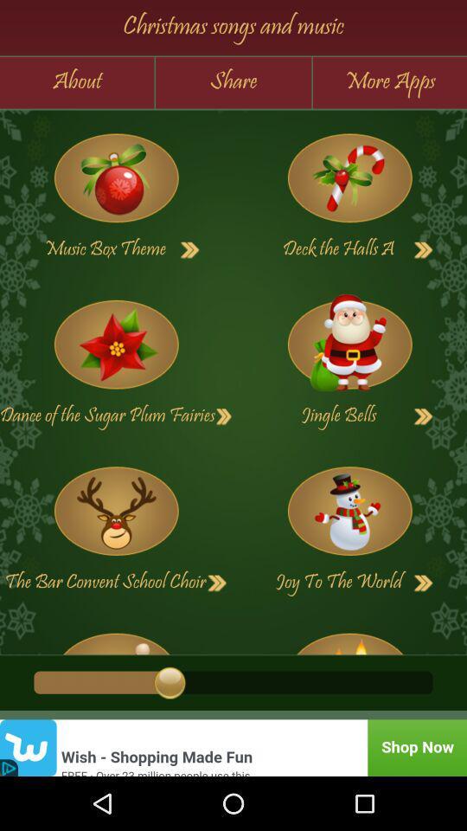 This screenshot has height=831, width=467. Describe the element at coordinates (423, 249) in the screenshot. I see `next page` at that location.